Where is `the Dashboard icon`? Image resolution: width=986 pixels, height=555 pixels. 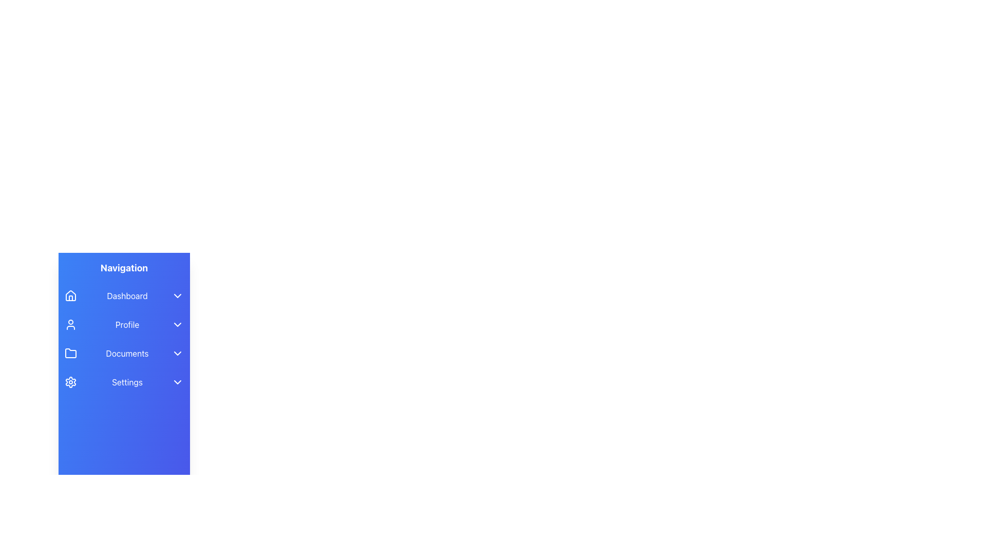 the Dashboard icon is located at coordinates (70, 295).